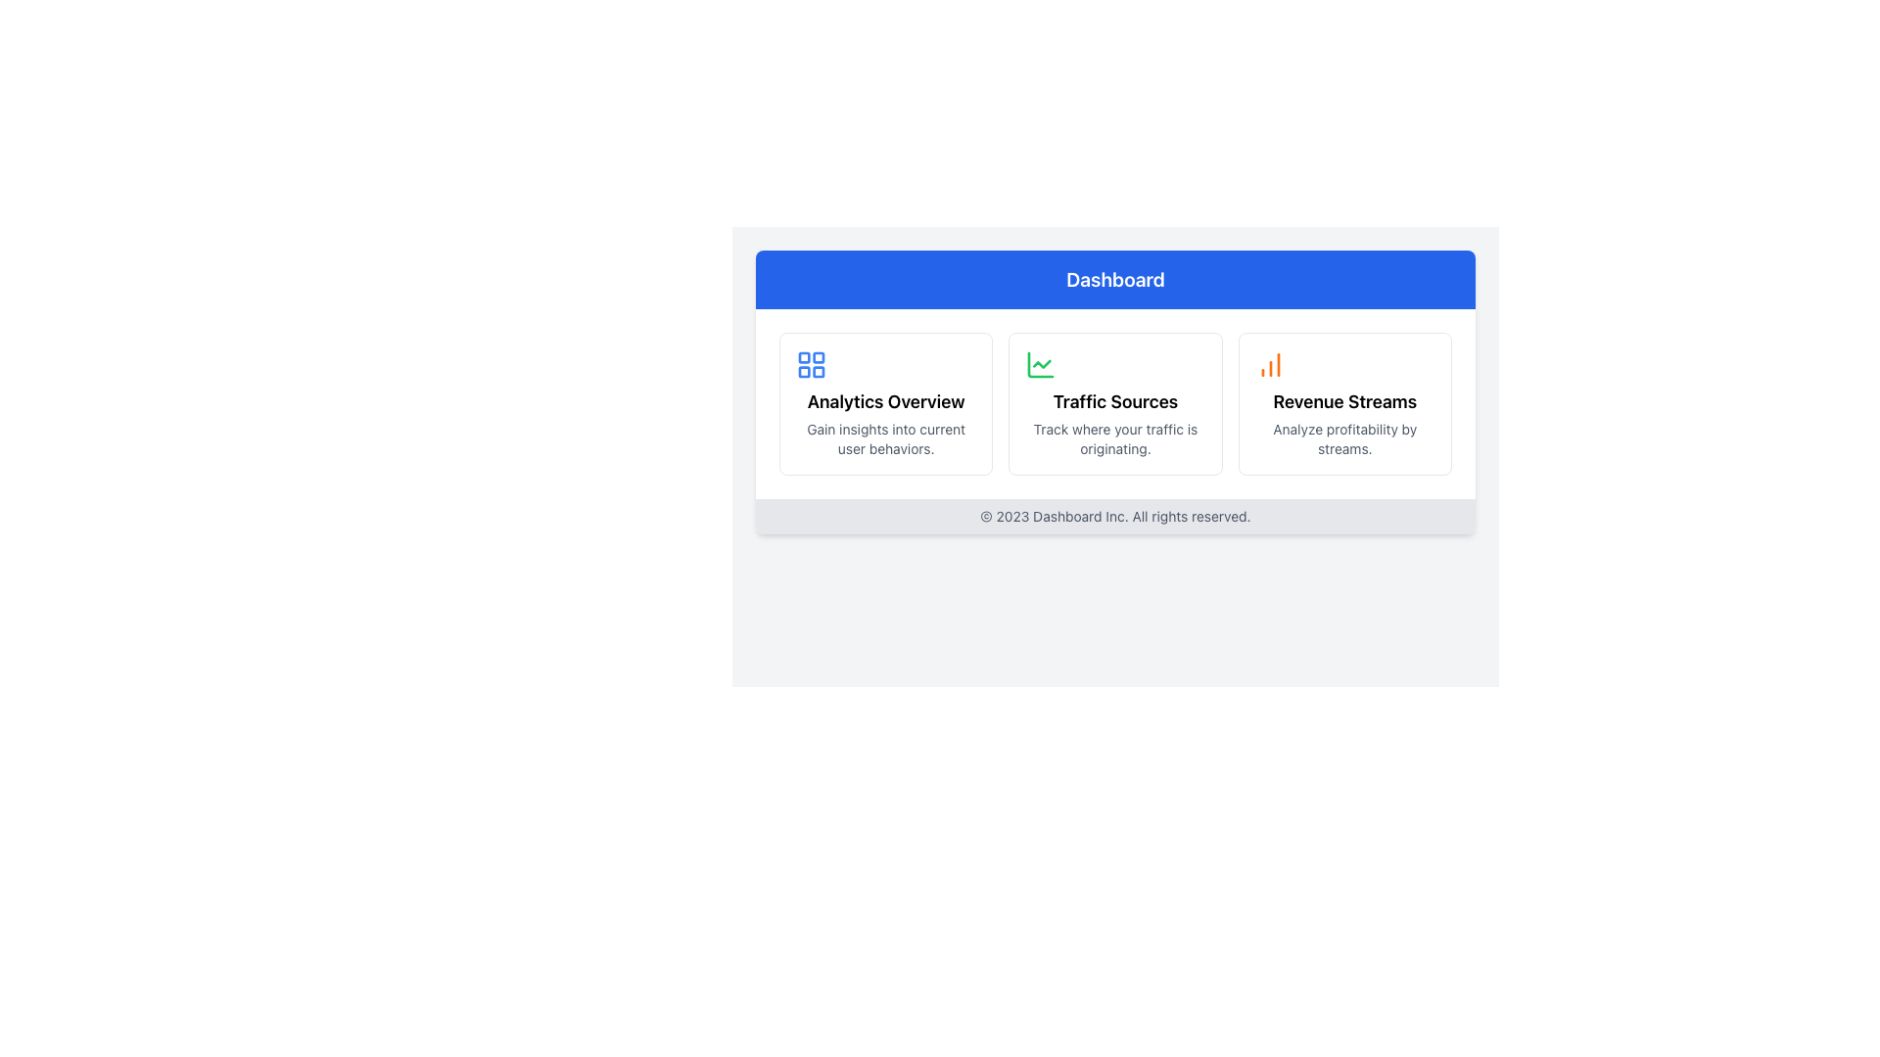  Describe the element at coordinates (1343, 437) in the screenshot. I see `descriptive text label located below the 'Revenue Streams' heading within the bordered card in the third column of the layout` at that location.